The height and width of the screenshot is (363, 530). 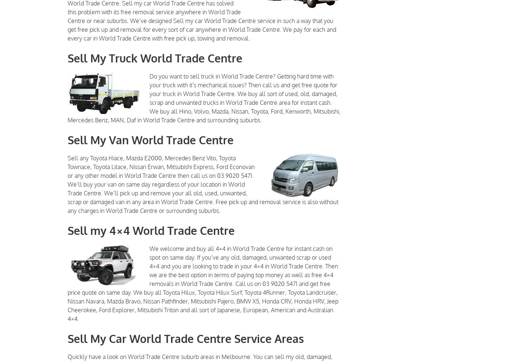 I want to click on 'Sell My Truck World Trade Centre', so click(x=154, y=58).